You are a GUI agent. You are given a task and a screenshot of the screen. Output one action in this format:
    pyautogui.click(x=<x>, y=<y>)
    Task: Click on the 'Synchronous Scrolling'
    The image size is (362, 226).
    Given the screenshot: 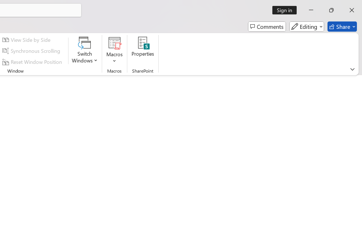 What is the action you would take?
    pyautogui.click(x=32, y=51)
    